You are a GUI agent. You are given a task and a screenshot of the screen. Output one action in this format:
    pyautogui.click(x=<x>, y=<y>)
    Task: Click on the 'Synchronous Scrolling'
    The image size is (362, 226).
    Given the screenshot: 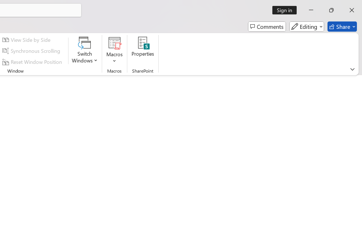 What is the action you would take?
    pyautogui.click(x=32, y=51)
    